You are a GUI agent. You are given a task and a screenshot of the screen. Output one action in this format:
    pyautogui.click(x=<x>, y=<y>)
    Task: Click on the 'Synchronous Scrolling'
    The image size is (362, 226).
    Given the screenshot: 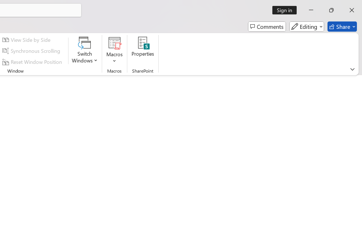 What is the action you would take?
    pyautogui.click(x=32, y=51)
    